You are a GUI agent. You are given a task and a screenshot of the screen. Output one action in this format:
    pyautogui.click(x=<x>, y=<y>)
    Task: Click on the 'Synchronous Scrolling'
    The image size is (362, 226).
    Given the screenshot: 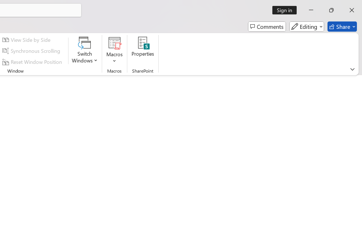 What is the action you would take?
    pyautogui.click(x=32, y=51)
    